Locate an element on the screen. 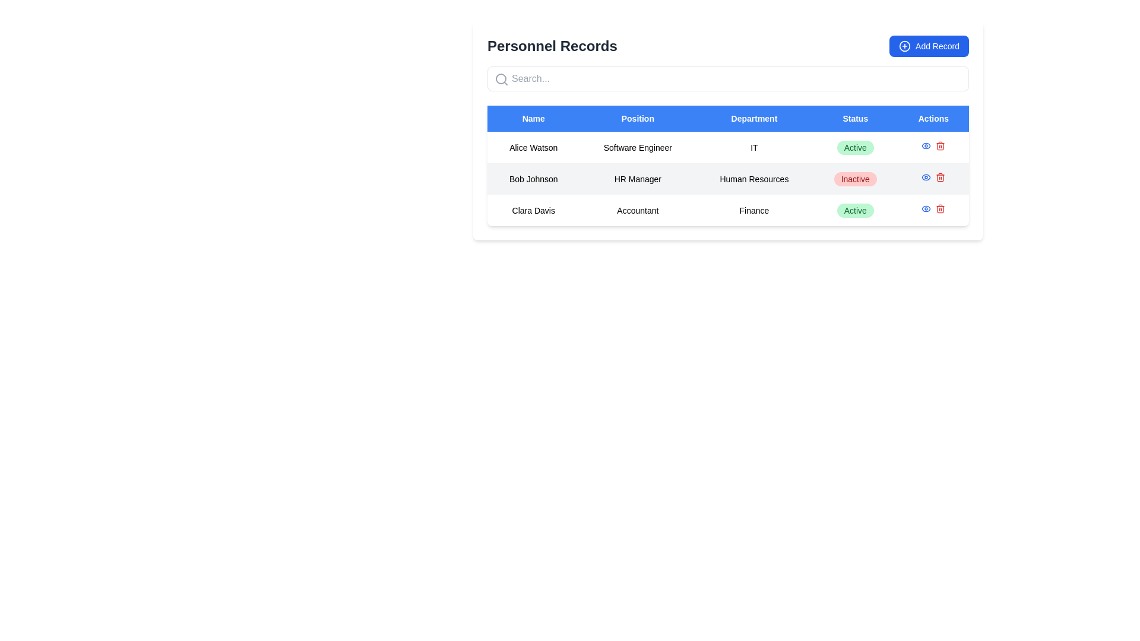  the 'Status' text label which is the fourth item in the header row of the table, positioned between 'Department' and 'Actions' is located at coordinates (855, 119).